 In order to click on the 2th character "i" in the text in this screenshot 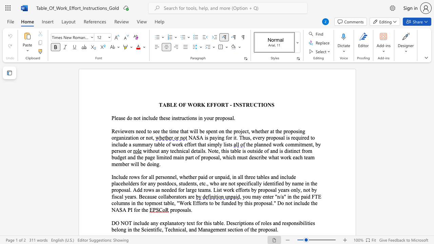, I will do `click(210, 144)`.